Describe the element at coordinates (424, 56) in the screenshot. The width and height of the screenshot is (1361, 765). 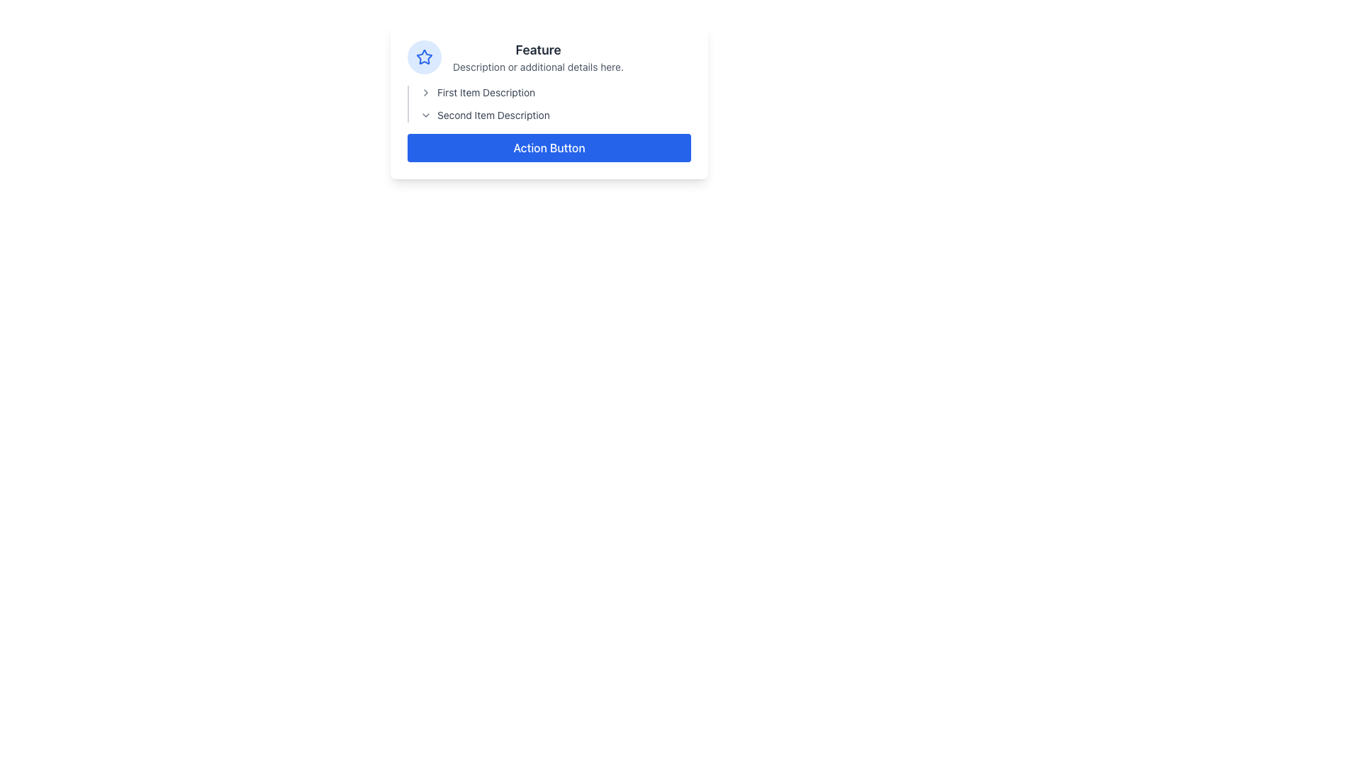
I see `the blue outlined star-shaped vector graphic icon located at the top left corner of the card-like interface, above the 'Action Button'` at that location.